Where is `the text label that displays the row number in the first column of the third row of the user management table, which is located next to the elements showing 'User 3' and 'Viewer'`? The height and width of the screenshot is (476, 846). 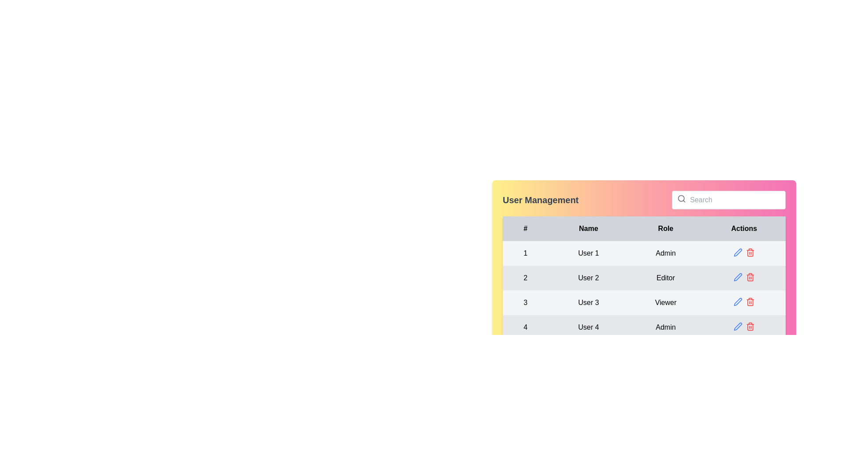 the text label that displays the row number in the first column of the third row of the user management table, which is located next to the elements showing 'User 3' and 'Viewer' is located at coordinates (525, 302).